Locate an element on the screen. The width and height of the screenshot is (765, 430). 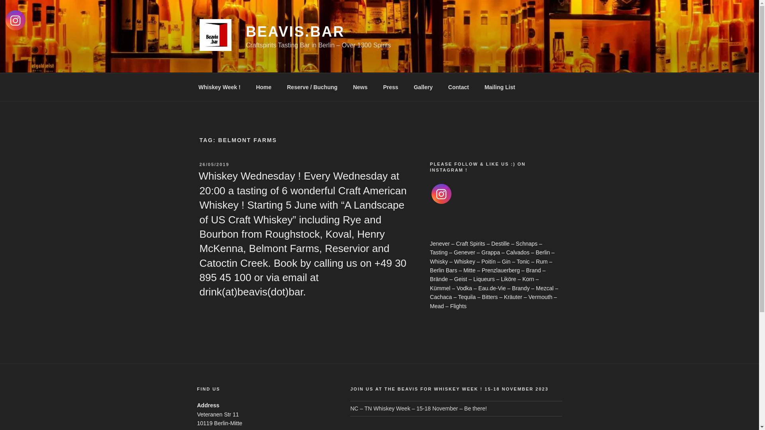
'Contact' is located at coordinates (458, 87).